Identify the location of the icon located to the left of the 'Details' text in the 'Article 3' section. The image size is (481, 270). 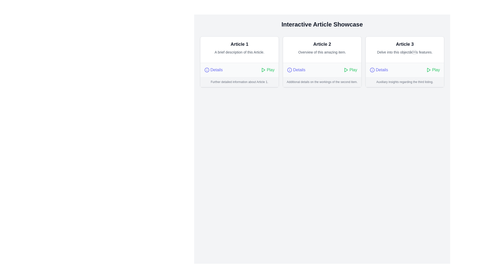
(372, 70).